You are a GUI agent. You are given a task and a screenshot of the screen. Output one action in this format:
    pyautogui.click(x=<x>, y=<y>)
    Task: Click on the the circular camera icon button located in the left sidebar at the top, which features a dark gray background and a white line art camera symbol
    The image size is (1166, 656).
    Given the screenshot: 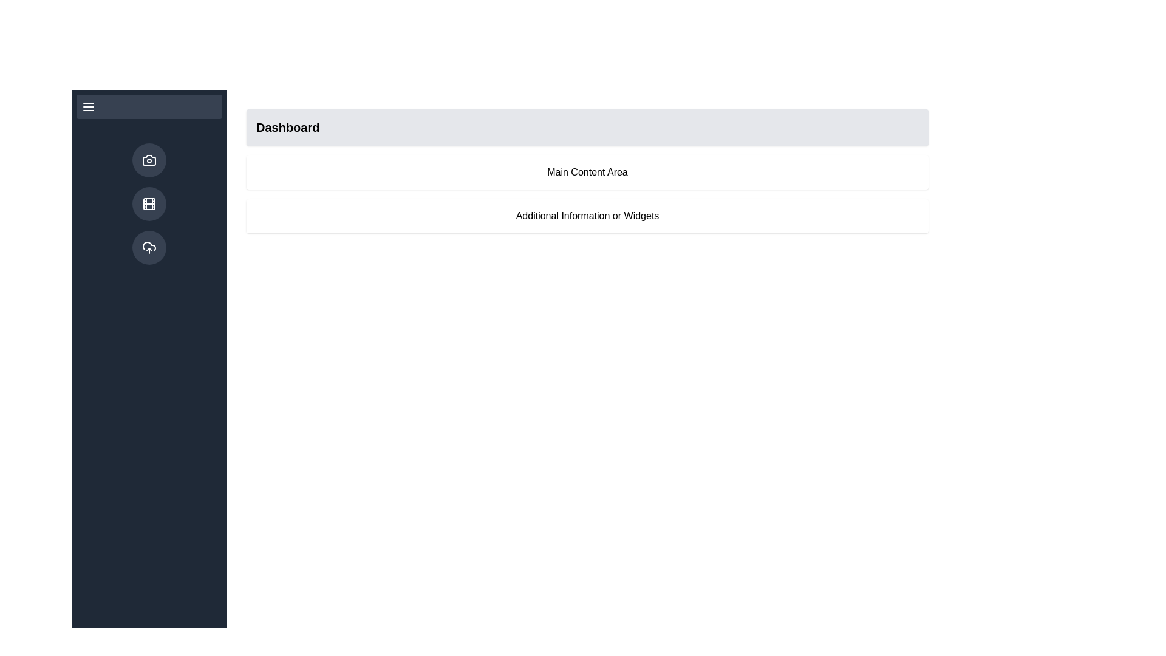 What is the action you would take?
    pyautogui.click(x=148, y=159)
    